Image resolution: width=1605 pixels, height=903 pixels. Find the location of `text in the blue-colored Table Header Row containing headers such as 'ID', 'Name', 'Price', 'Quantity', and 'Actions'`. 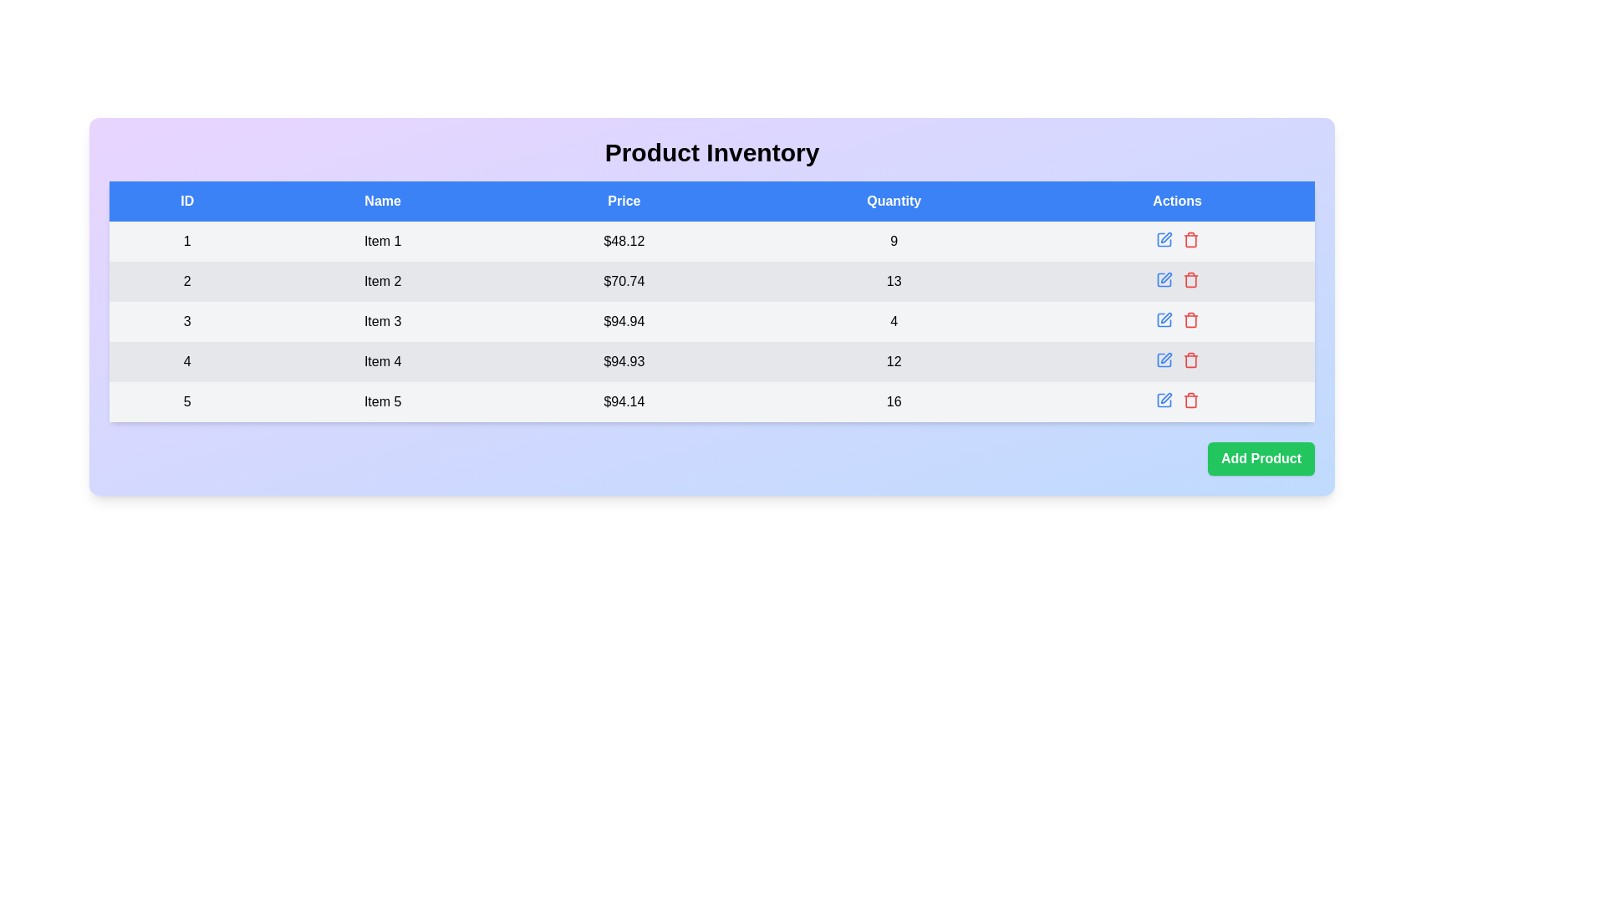

text in the blue-colored Table Header Row containing headers such as 'ID', 'Name', 'Price', 'Quantity', and 'Actions' is located at coordinates (711, 200).